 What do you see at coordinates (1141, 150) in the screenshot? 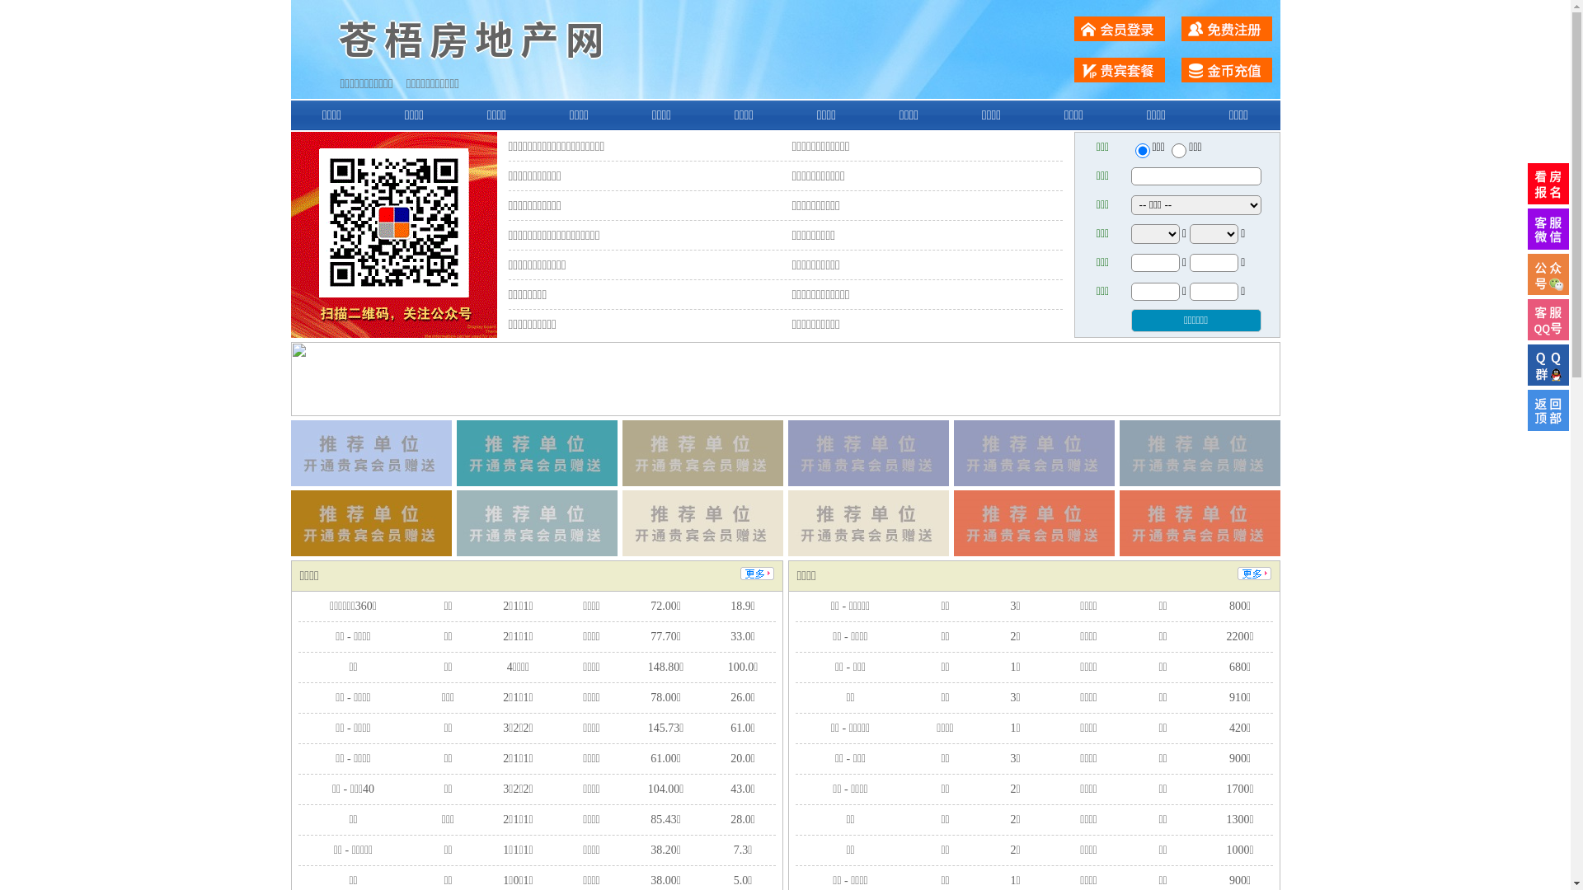
I see `'ershou'` at bounding box center [1141, 150].